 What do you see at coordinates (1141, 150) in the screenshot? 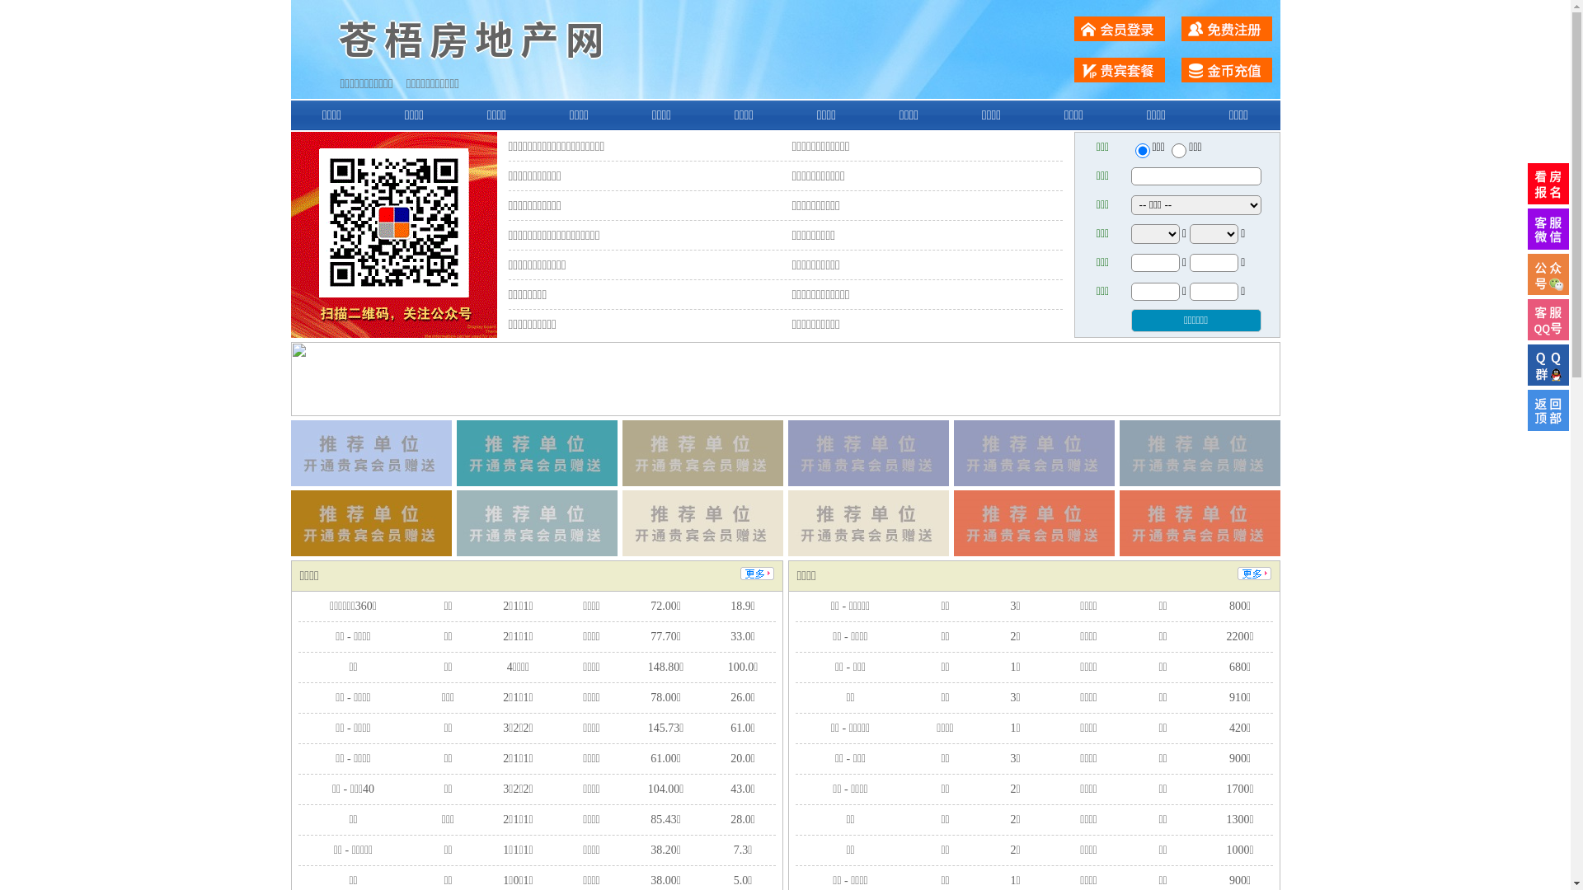
I see `'ershou'` at bounding box center [1141, 150].